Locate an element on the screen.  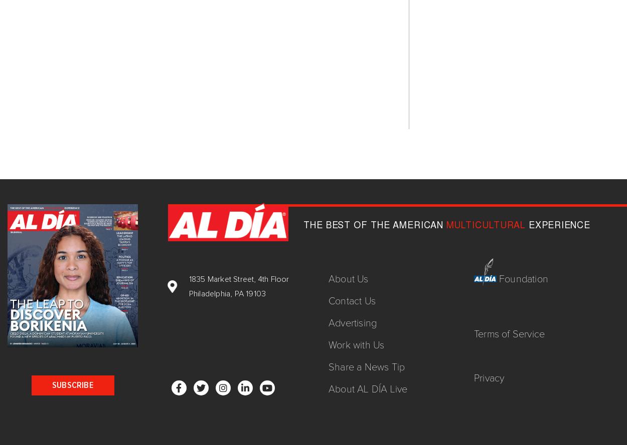
'1835 Market Street, 4th Floor' is located at coordinates (238, 278).